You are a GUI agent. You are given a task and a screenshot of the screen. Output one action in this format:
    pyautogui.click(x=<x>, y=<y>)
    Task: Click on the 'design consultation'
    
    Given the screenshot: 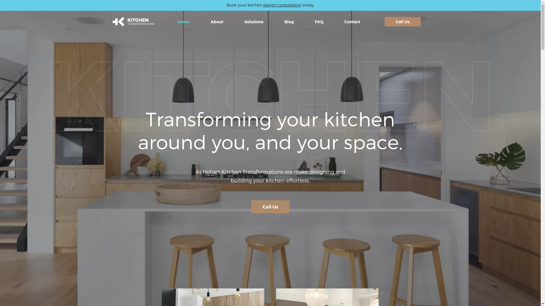 What is the action you would take?
    pyautogui.click(x=282, y=5)
    